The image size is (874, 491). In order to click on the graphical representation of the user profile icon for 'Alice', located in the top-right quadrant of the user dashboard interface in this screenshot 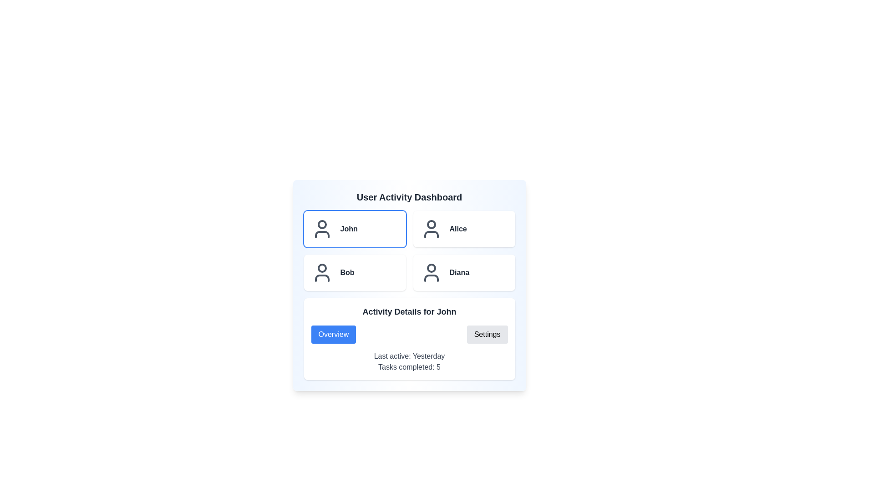, I will do `click(431, 224)`.